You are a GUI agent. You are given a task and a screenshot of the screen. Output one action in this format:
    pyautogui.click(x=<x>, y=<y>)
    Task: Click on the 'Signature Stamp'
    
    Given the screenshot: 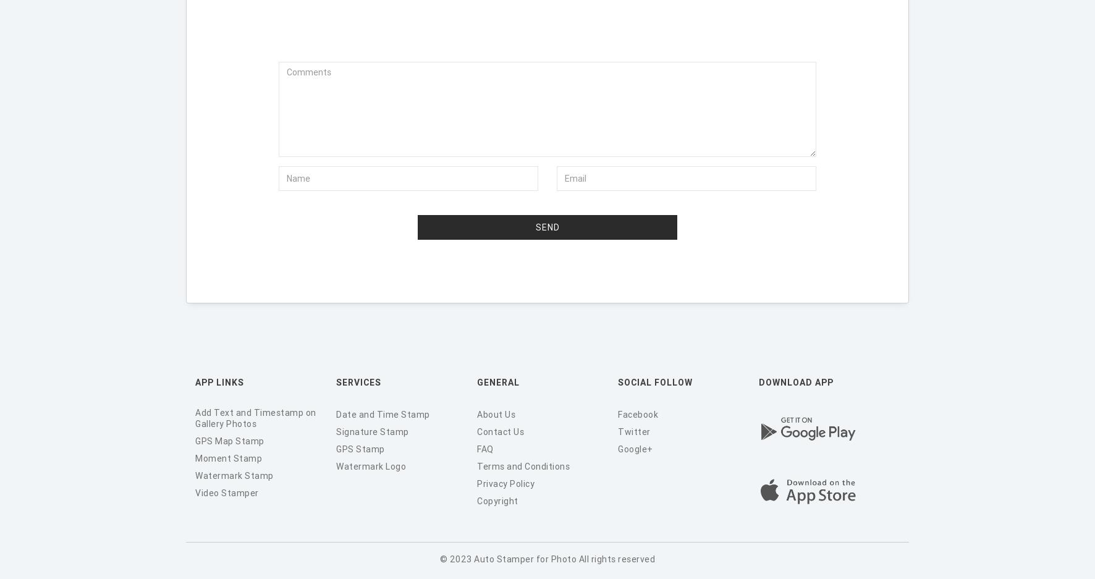 What is the action you would take?
    pyautogui.click(x=372, y=431)
    